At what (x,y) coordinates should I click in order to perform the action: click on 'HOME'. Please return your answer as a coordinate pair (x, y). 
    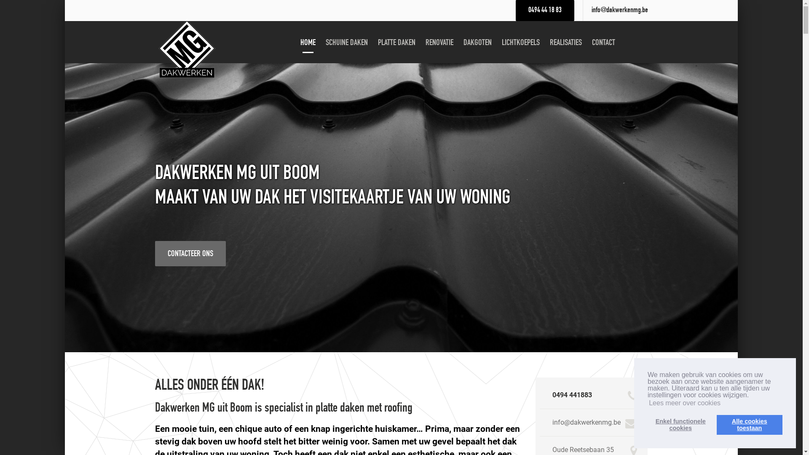
    Looking at the image, I should click on (296, 42).